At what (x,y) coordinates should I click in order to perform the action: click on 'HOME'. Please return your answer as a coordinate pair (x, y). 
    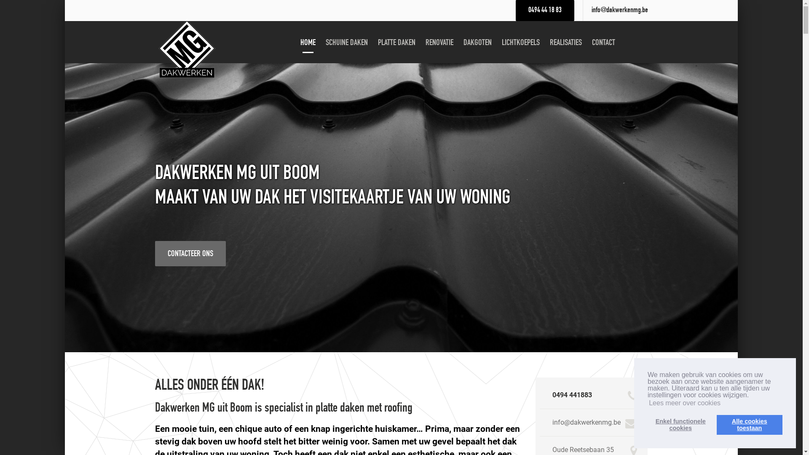
    Looking at the image, I should click on (296, 42).